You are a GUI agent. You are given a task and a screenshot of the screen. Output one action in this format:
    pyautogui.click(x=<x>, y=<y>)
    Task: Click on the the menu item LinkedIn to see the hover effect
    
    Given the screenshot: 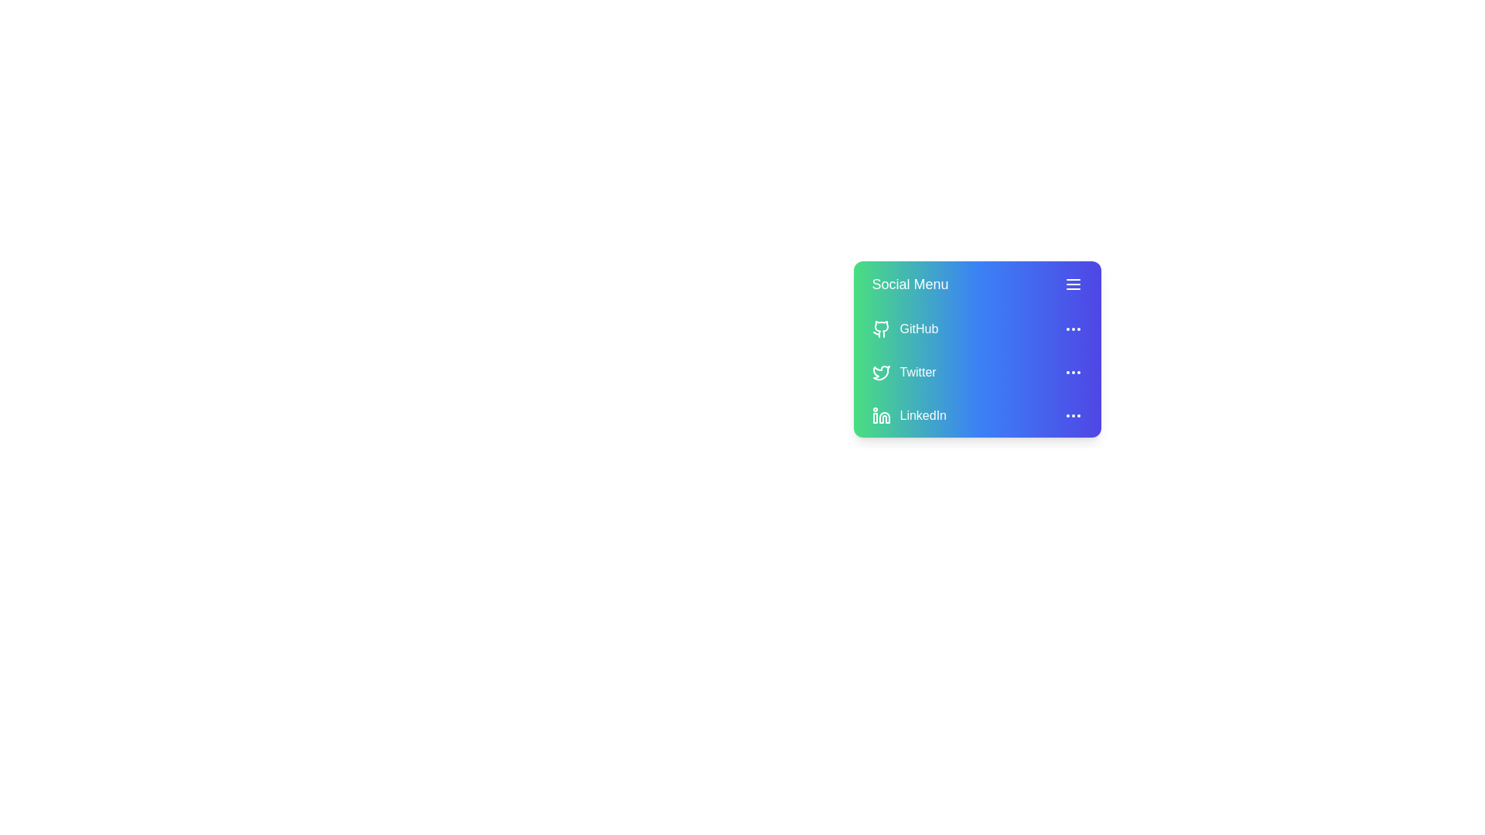 What is the action you would take?
    pyautogui.click(x=976, y=414)
    